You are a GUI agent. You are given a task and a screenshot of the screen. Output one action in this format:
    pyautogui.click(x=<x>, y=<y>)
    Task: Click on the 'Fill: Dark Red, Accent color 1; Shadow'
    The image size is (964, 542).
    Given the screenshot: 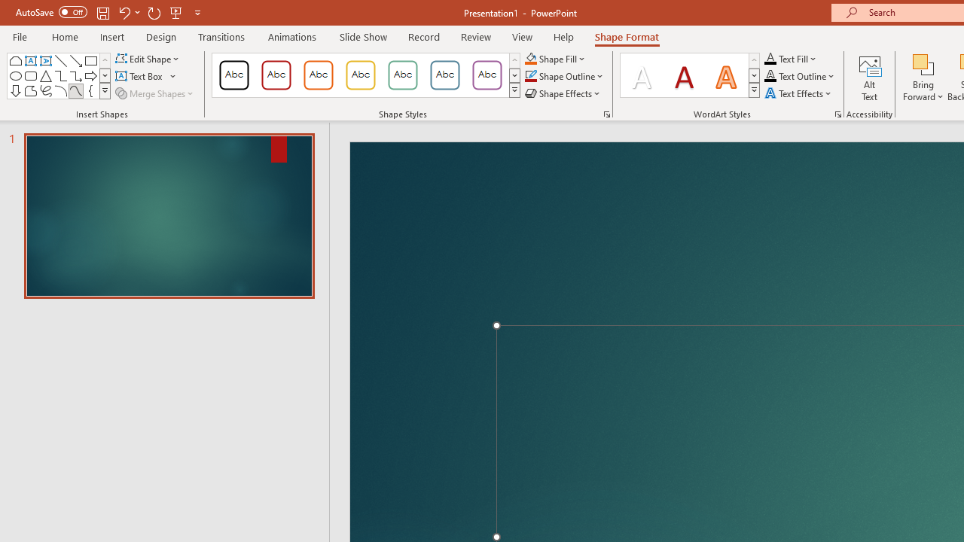 What is the action you would take?
    pyautogui.click(x=683, y=75)
    